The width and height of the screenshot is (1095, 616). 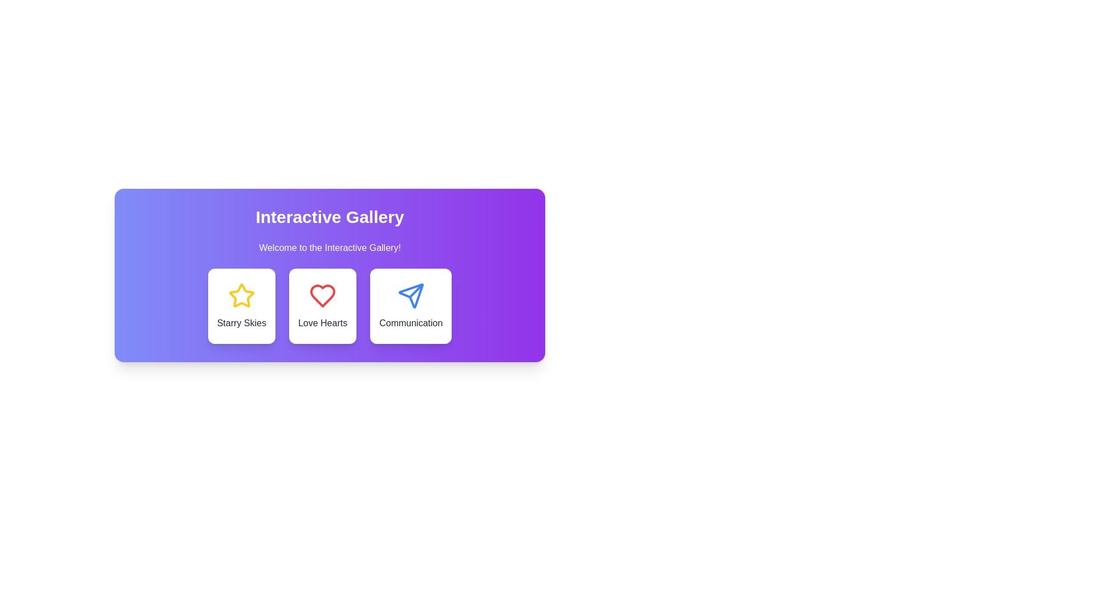 What do you see at coordinates (322, 295) in the screenshot?
I see `the red heart icon element, which is the second option in a horizontal row of three cards` at bounding box center [322, 295].